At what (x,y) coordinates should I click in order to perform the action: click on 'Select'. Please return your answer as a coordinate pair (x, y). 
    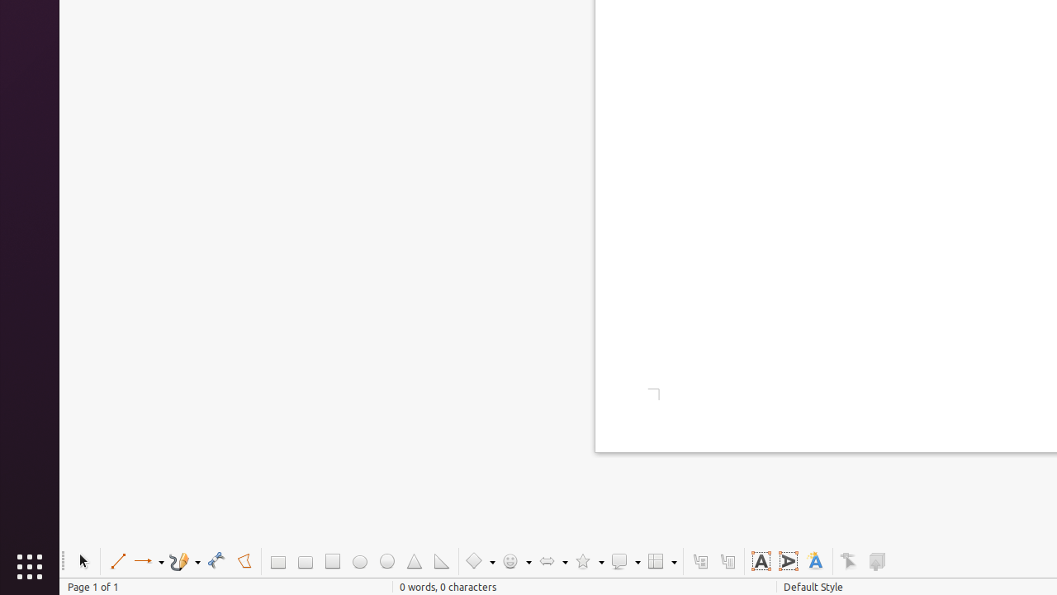
    Looking at the image, I should click on (82, 560).